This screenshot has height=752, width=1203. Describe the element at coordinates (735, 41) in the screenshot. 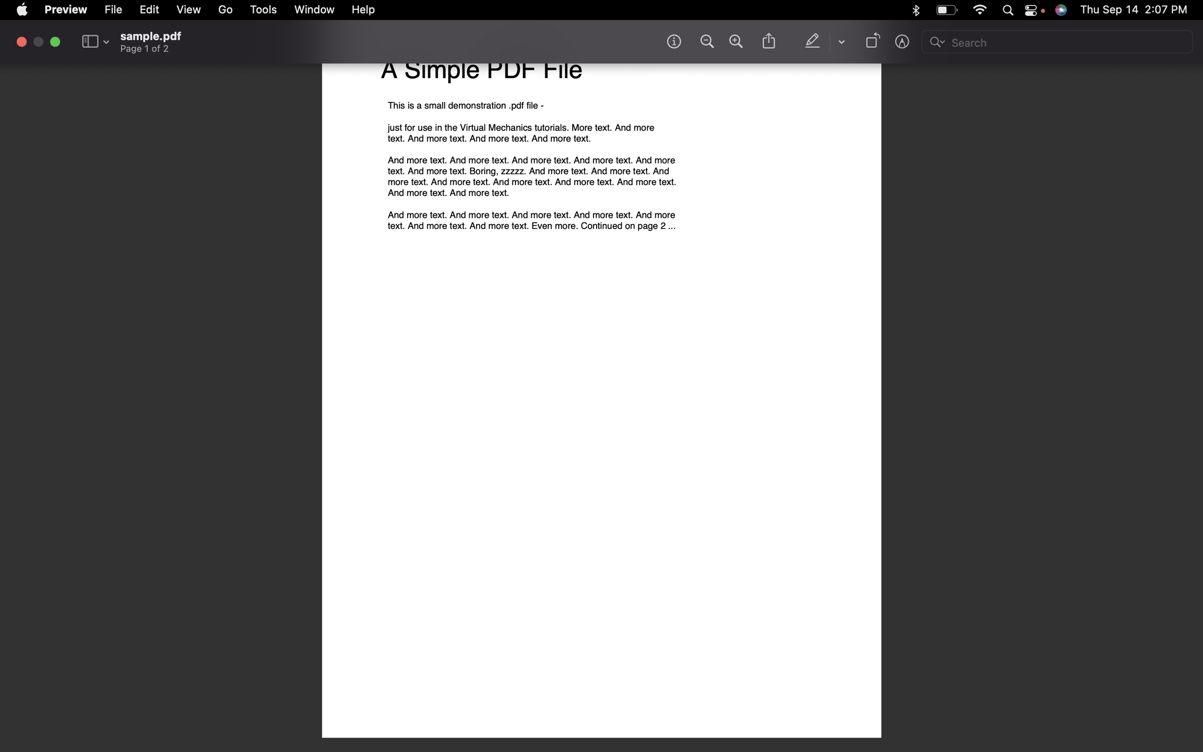

I see `Zoom into the document` at that location.